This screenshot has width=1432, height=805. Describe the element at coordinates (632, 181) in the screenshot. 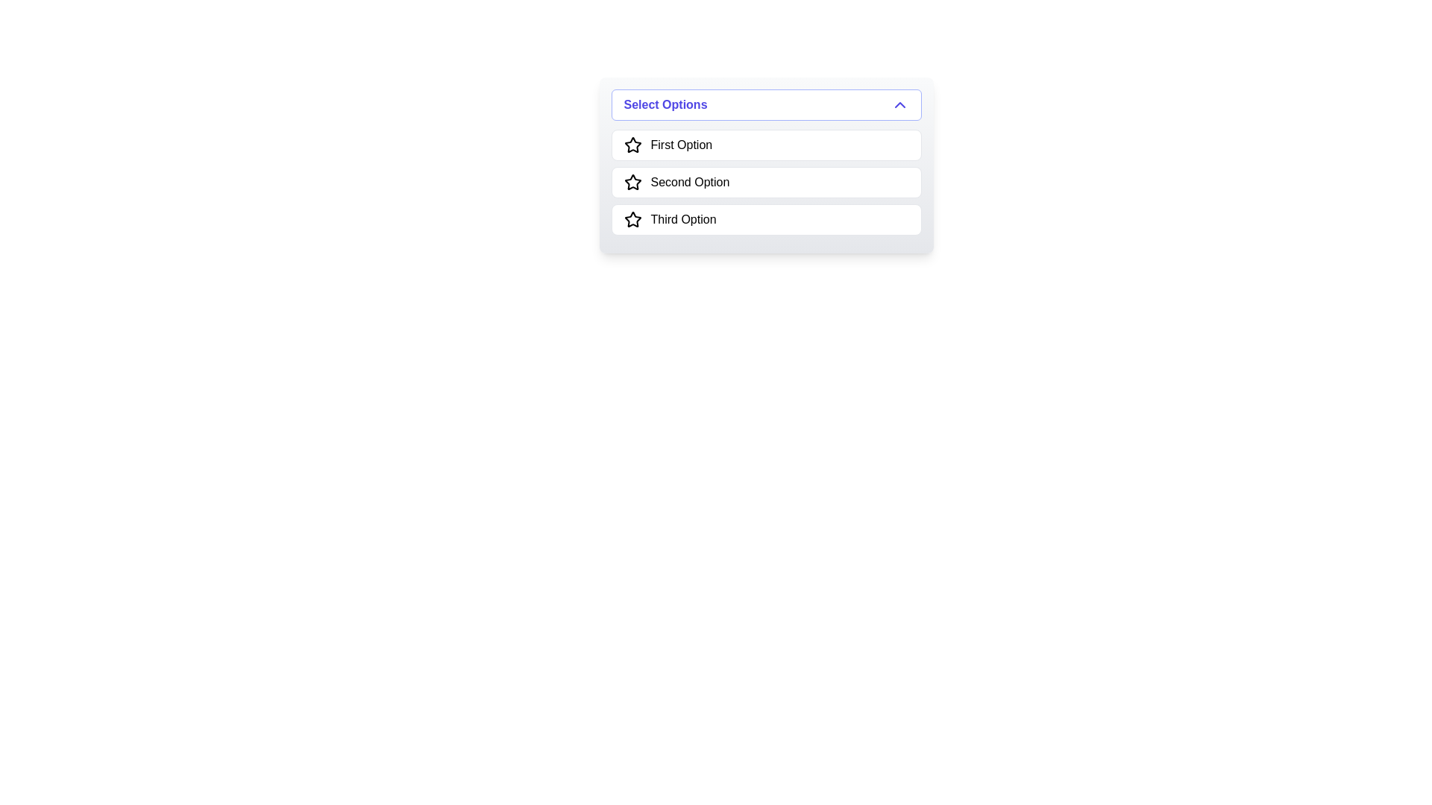

I see `the second star-shaped SVG icon in the dropdown menu, which is labeled 'Second Option'` at that location.